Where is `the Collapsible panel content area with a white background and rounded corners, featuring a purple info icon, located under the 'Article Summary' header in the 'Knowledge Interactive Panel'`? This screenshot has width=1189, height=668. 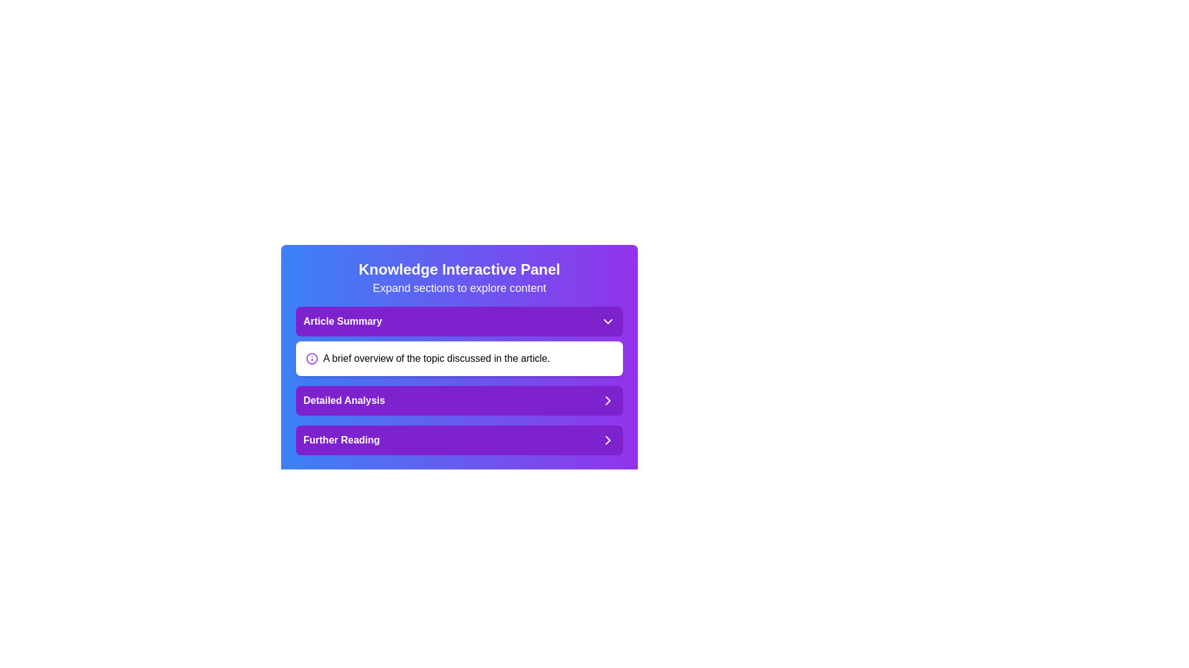
the Collapsible panel content area with a white background and rounded corners, featuring a purple info icon, located under the 'Article Summary' header in the 'Knowledge Interactive Panel' is located at coordinates (459, 341).